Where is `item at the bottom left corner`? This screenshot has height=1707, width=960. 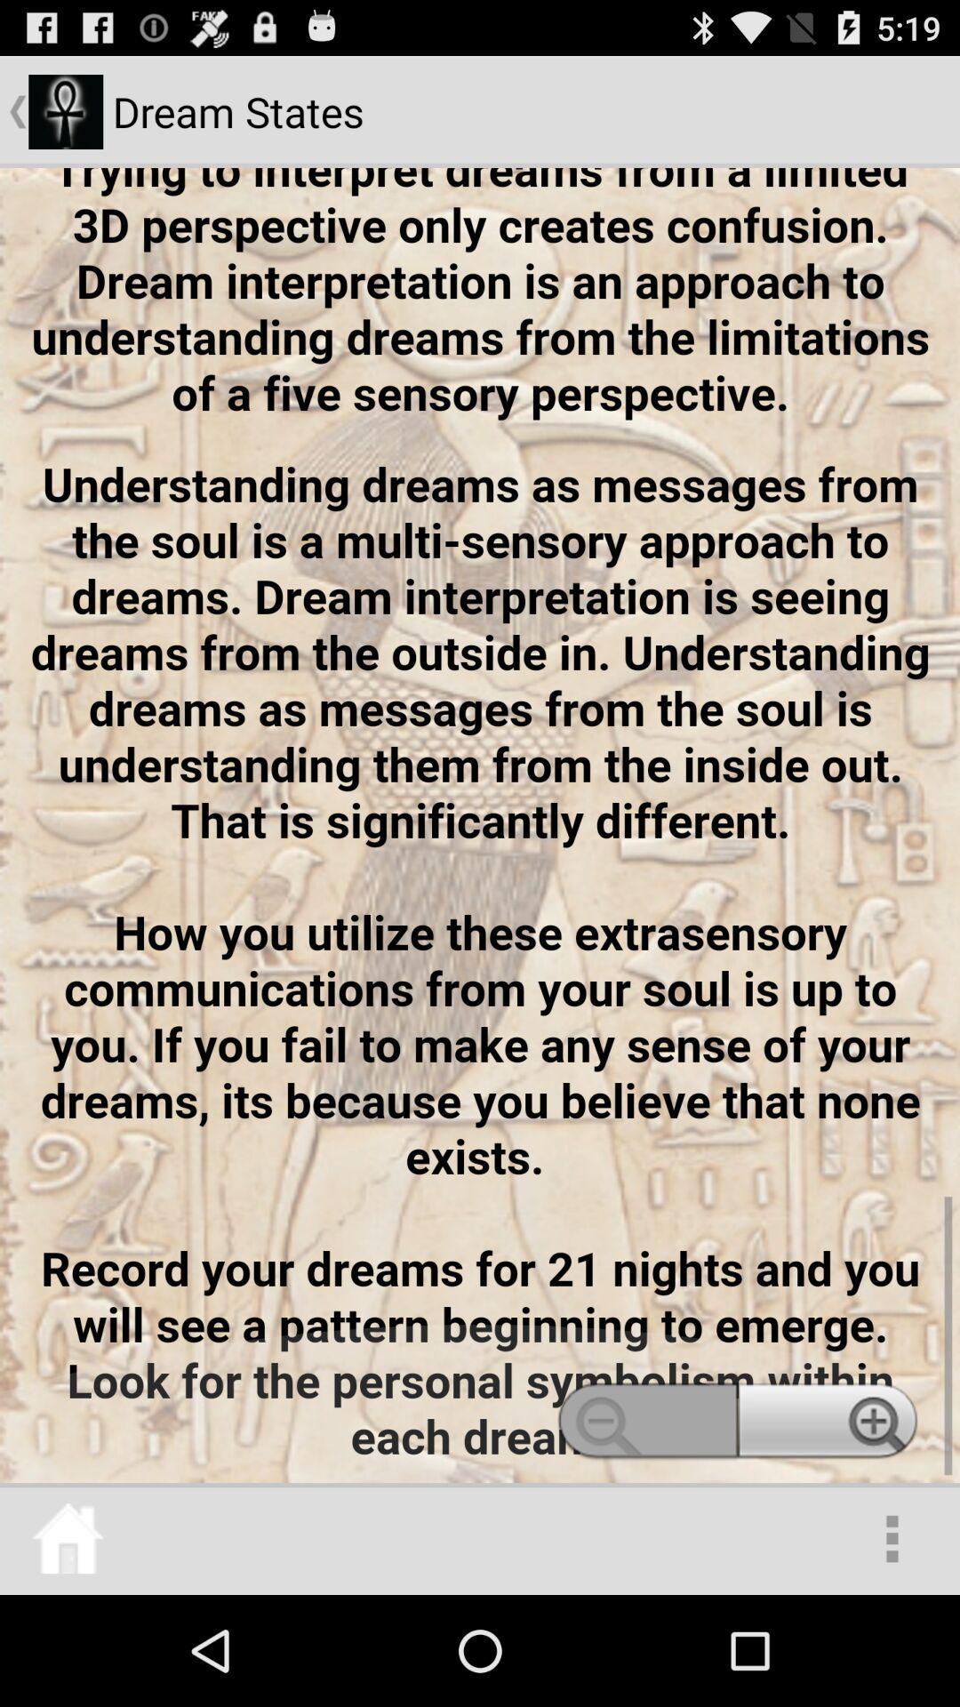 item at the bottom left corner is located at coordinates (67, 1538).